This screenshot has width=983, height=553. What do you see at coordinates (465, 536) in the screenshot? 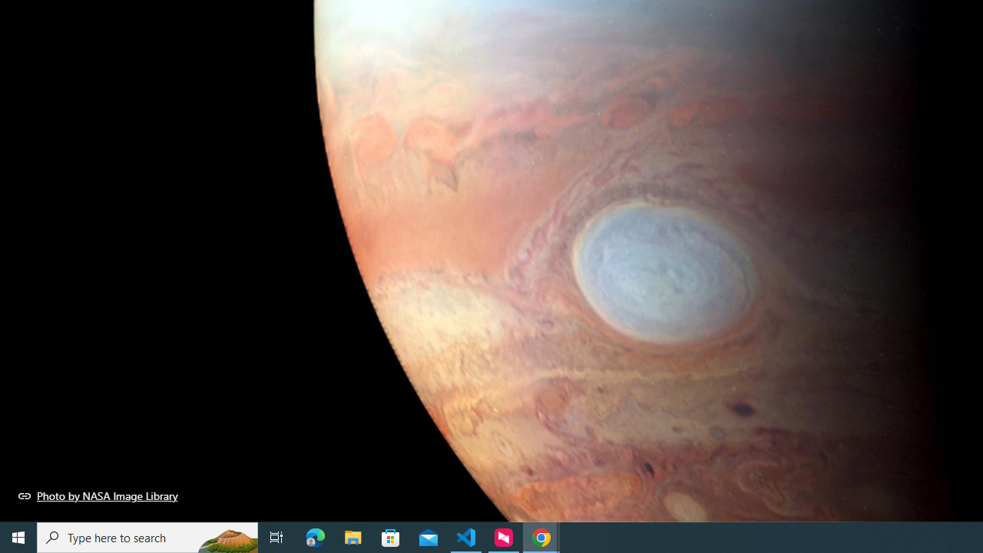
I see `'Visual Studio Code - 1 running window'` at bounding box center [465, 536].